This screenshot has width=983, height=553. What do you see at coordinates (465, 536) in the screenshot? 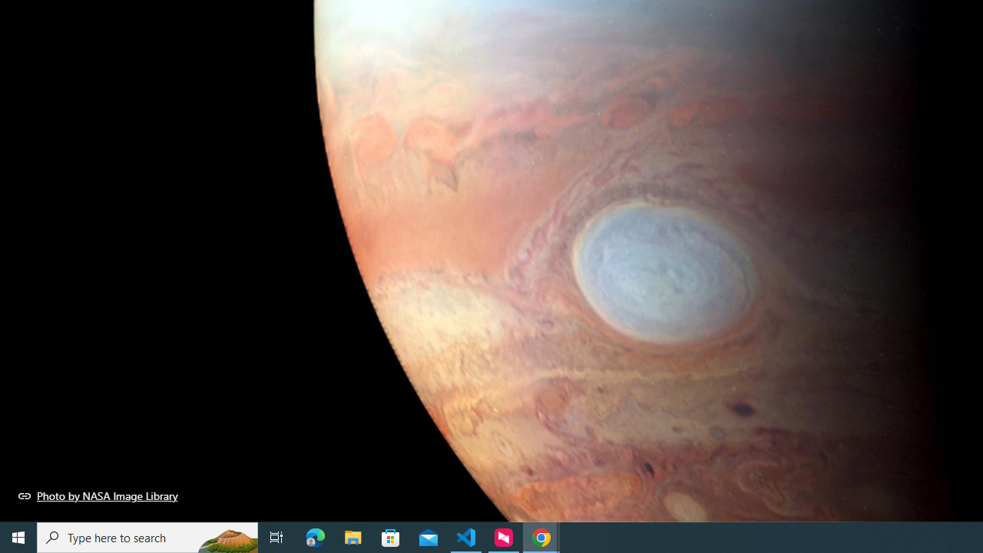
I see `'Visual Studio Code - 1 running window'` at bounding box center [465, 536].